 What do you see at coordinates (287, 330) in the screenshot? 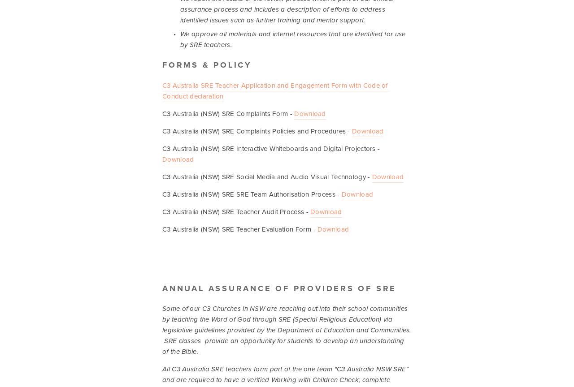
I see `'Some of our C3 Churches in NSW are reaching out into their school communities by teaching the Word of God through SRE (Special Religious Education) via legislative guidelines provided by the Department of Education and Communities.  SRE classes  provide an opportunity for students to develop an understanding of the Bible.'` at bounding box center [287, 330].